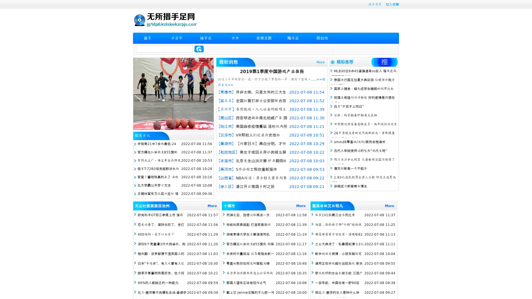 The image size is (532, 299). I want to click on Search, so click(199, 49).